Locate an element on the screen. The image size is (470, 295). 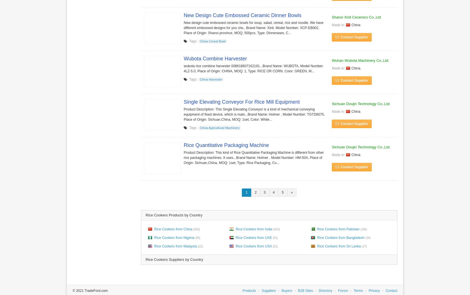
'© 2021 TradeFord.com' is located at coordinates (90, 290).